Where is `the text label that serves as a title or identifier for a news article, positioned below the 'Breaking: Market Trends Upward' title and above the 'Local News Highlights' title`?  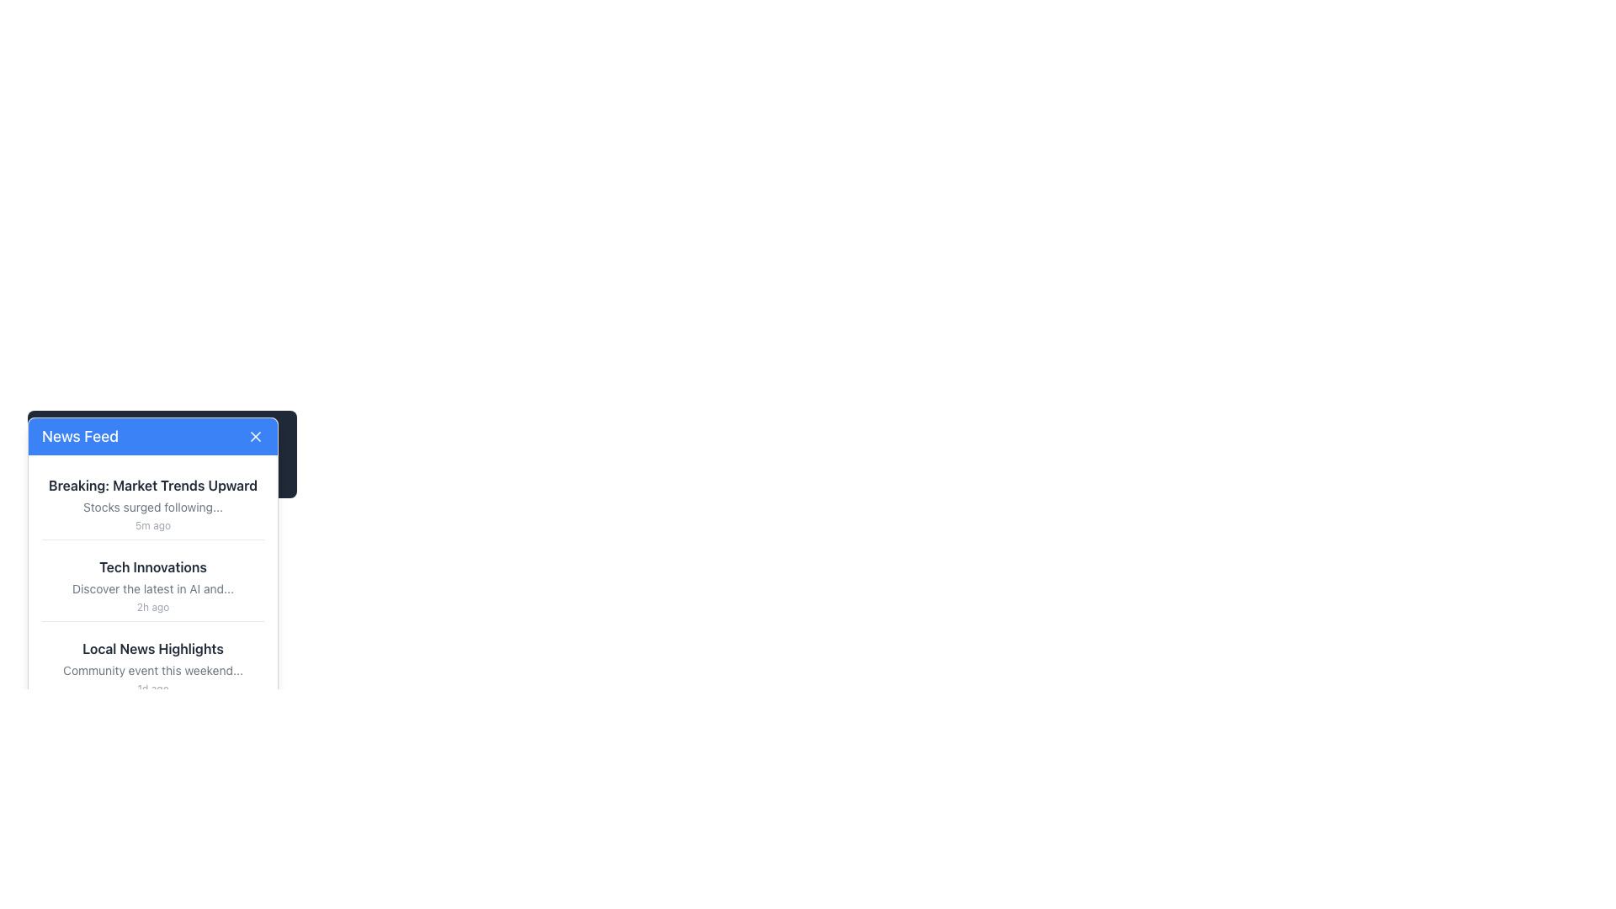 the text label that serves as a title or identifier for a news article, positioned below the 'Breaking: Market Trends Upward' title and above the 'Local News Highlights' title is located at coordinates (153, 567).